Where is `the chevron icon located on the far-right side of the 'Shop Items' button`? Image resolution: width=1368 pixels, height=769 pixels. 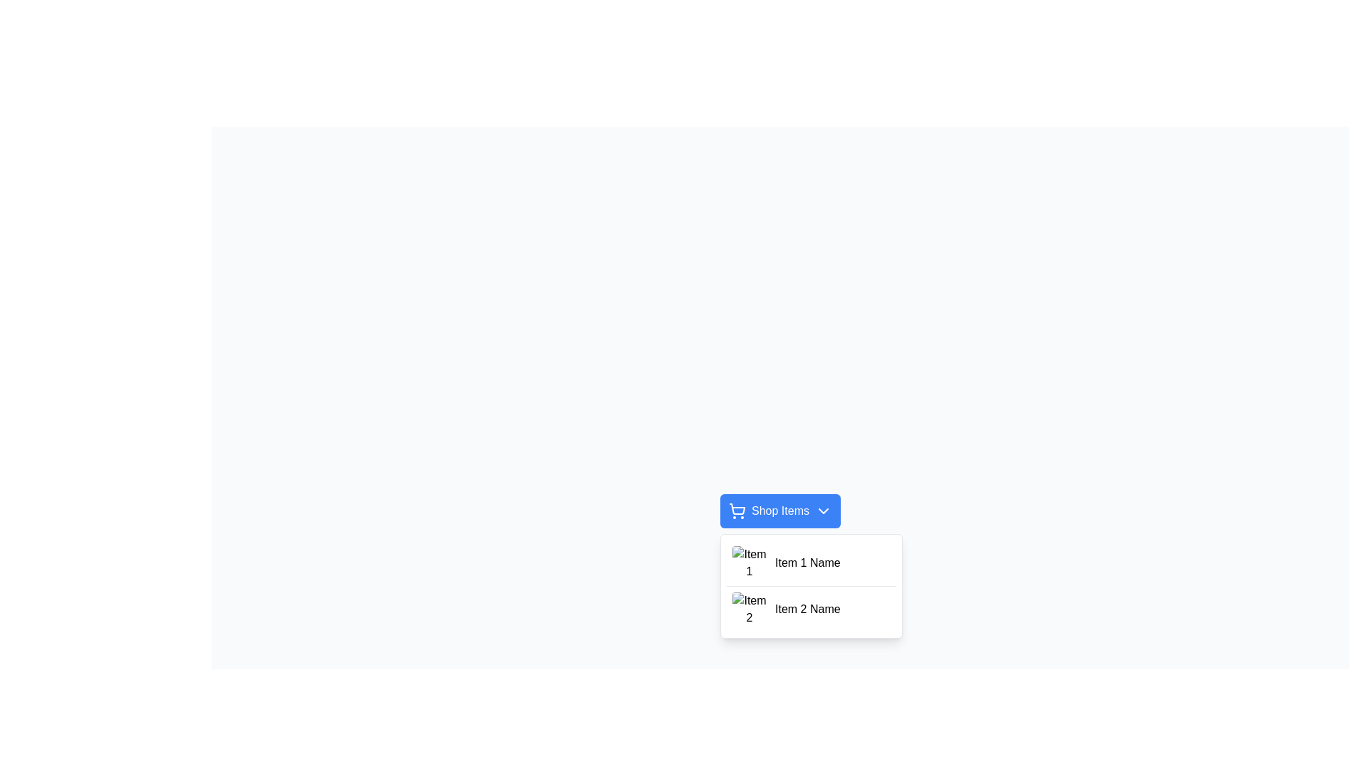 the chevron icon located on the far-right side of the 'Shop Items' button is located at coordinates (824, 510).